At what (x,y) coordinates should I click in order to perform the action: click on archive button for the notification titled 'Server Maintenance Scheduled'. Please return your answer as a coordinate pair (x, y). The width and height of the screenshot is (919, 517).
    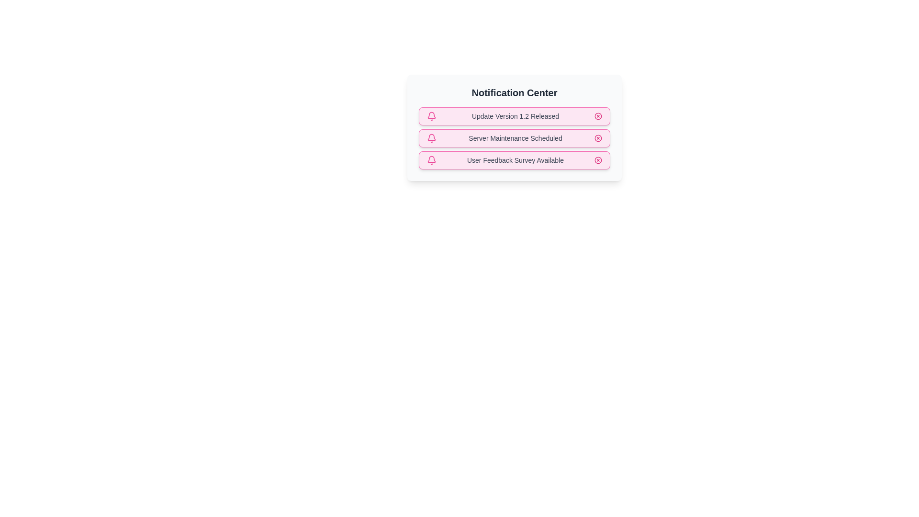
    Looking at the image, I should click on (597, 138).